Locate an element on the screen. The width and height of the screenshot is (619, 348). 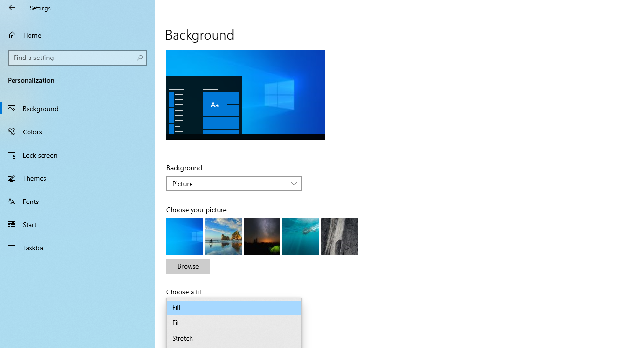
'Browse' is located at coordinates (188, 266).